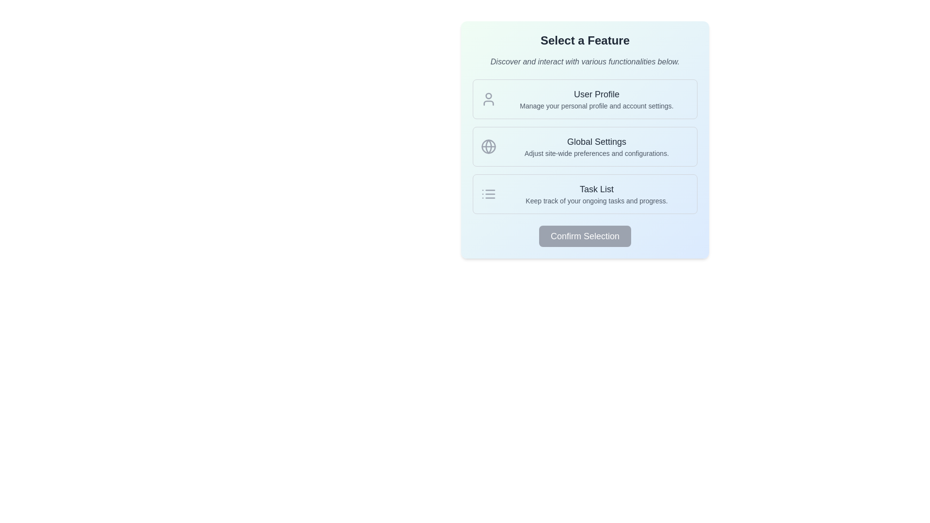  I want to click on the 'Global Settings' icon, which visually represents the concept of 'Global Settings' and is positioned to the left of the corresponding label text, so click(488, 147).